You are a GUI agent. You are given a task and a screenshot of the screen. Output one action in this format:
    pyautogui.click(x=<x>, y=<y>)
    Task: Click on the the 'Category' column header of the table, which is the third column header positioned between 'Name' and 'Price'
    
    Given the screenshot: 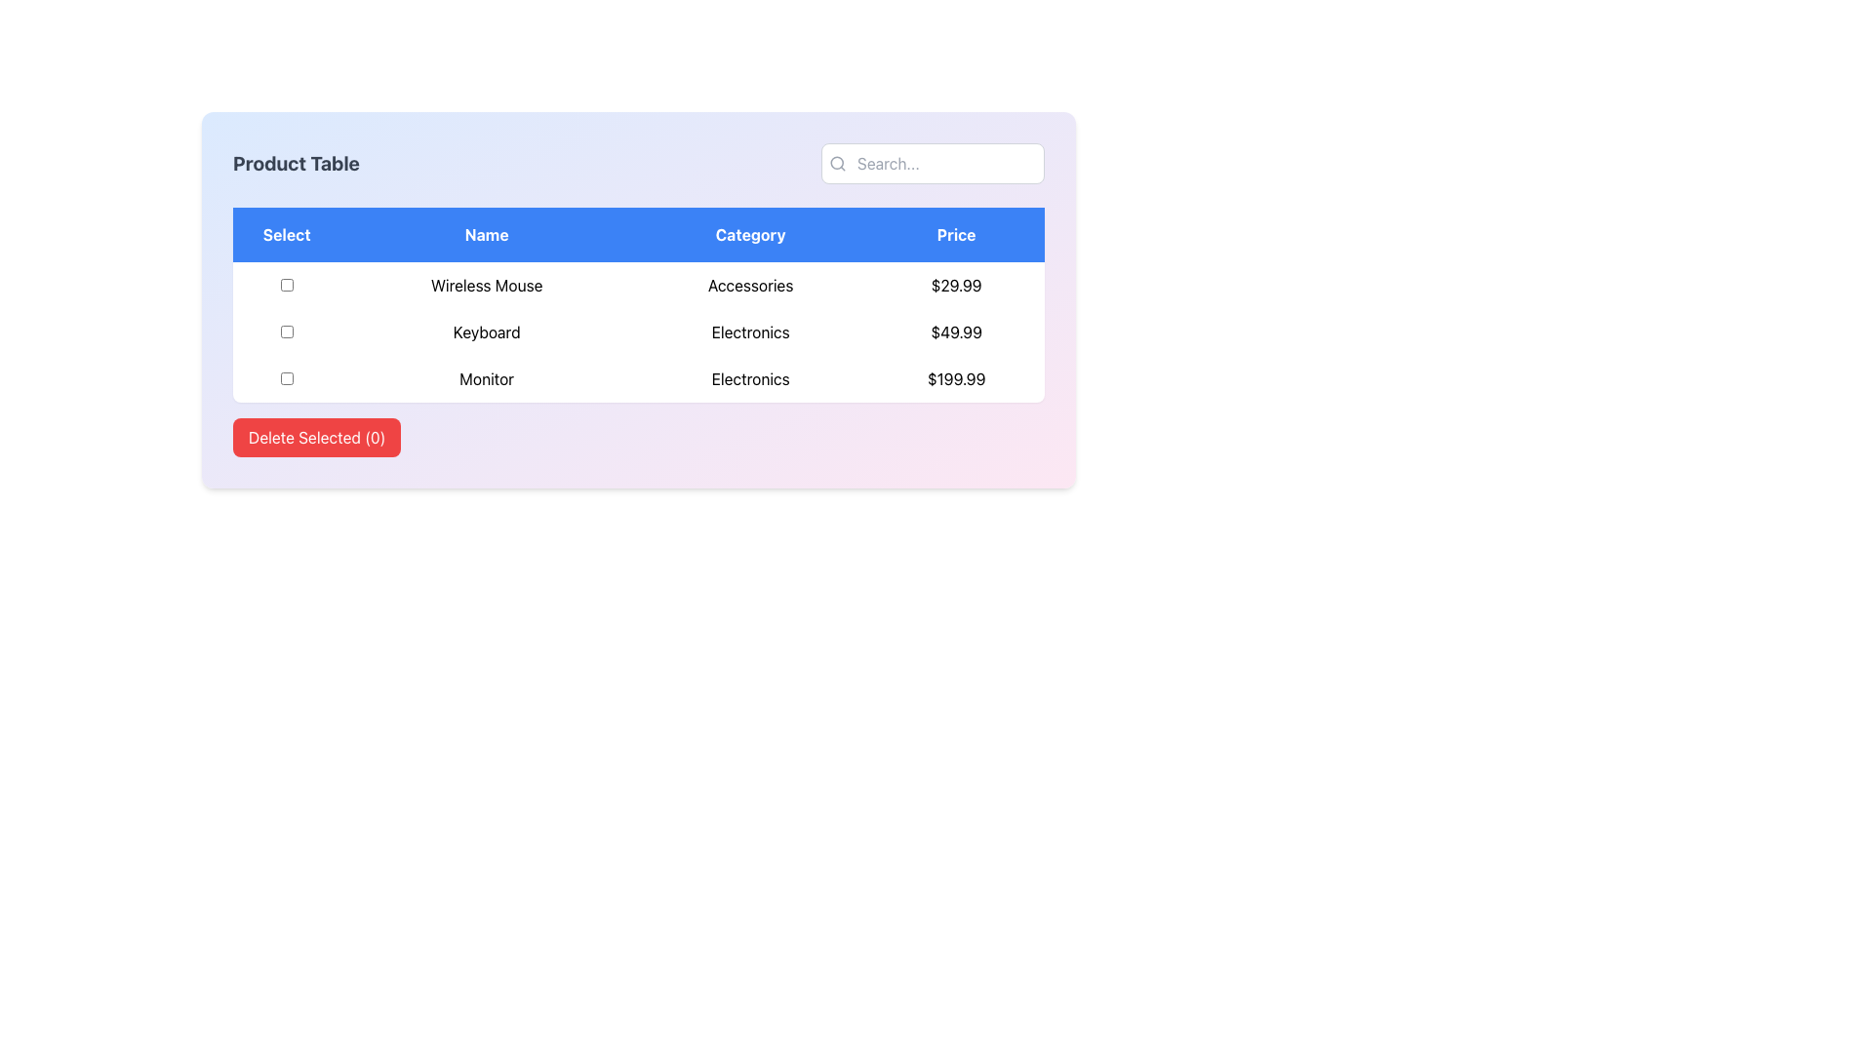 What is the action you would take?
    pyautogui.click(x=749, y=233)
    